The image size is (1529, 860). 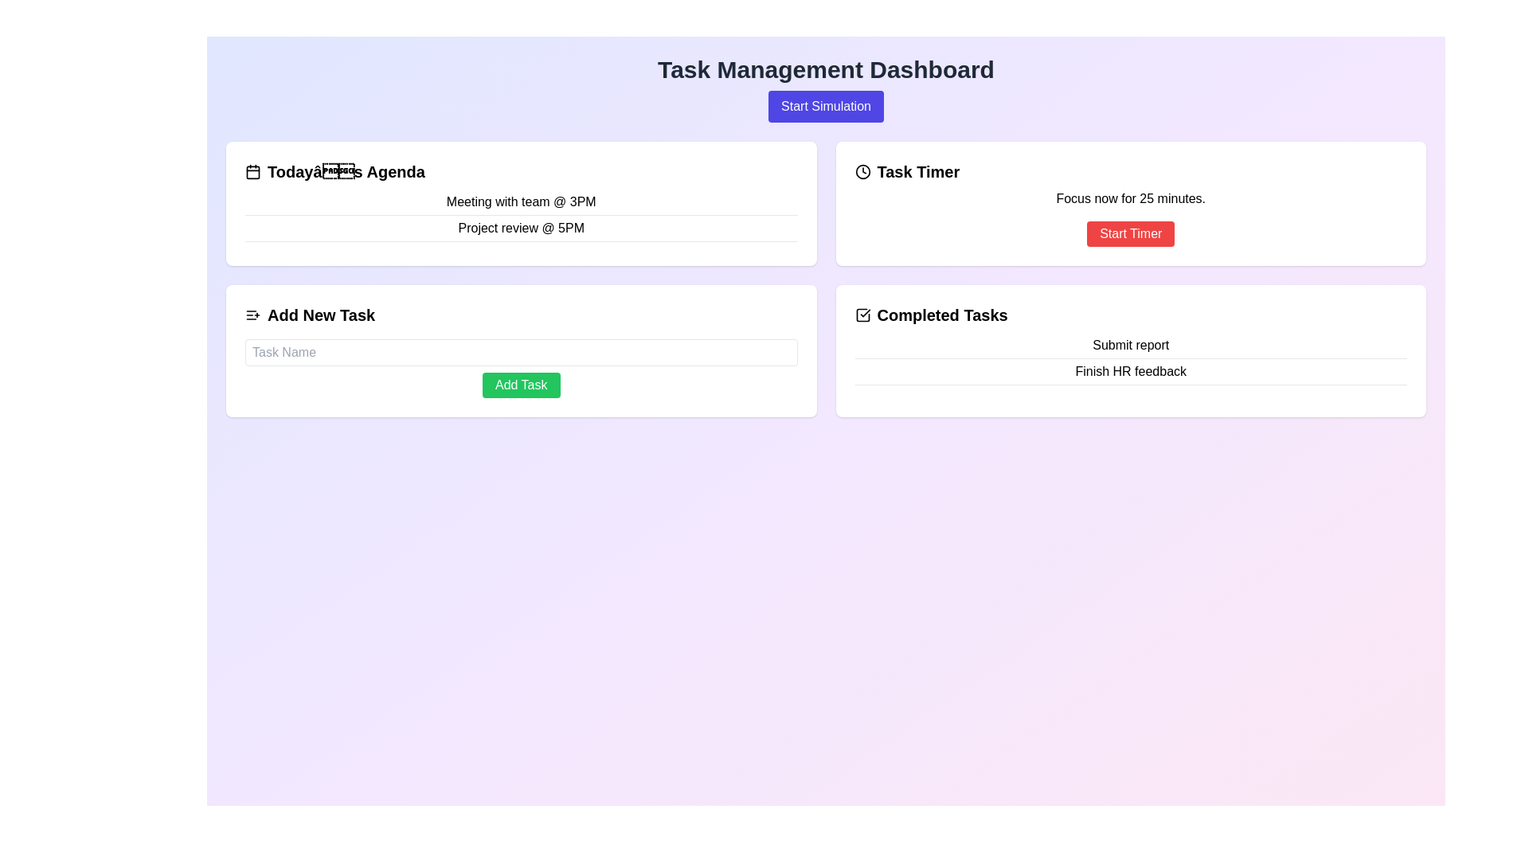 What do you see at coordinates (1130, 345) in the screenshot?
I see `the text element displaying 'Submit report' in the 'Completed Tasks' section, which is the first item in the list of completed tasks` at bounding box center [1130, 345].